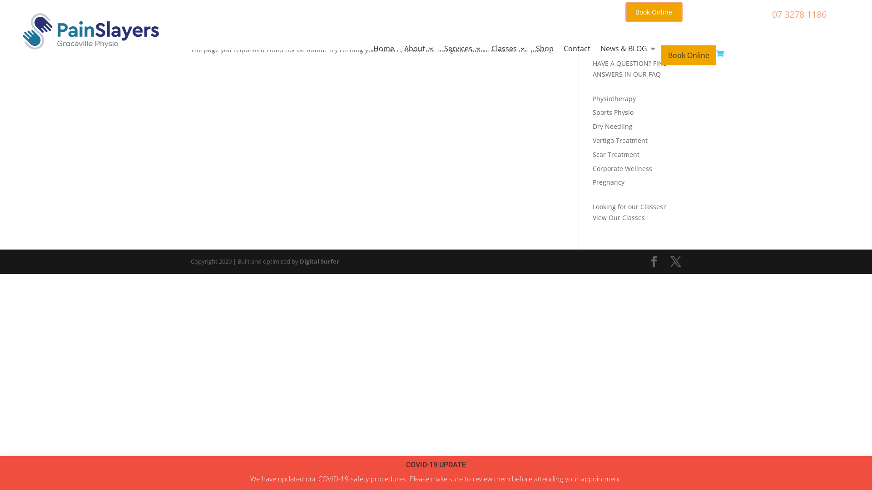 The image size is (872, 490). I want to click on 'Sports Physio', so click(613, 112).